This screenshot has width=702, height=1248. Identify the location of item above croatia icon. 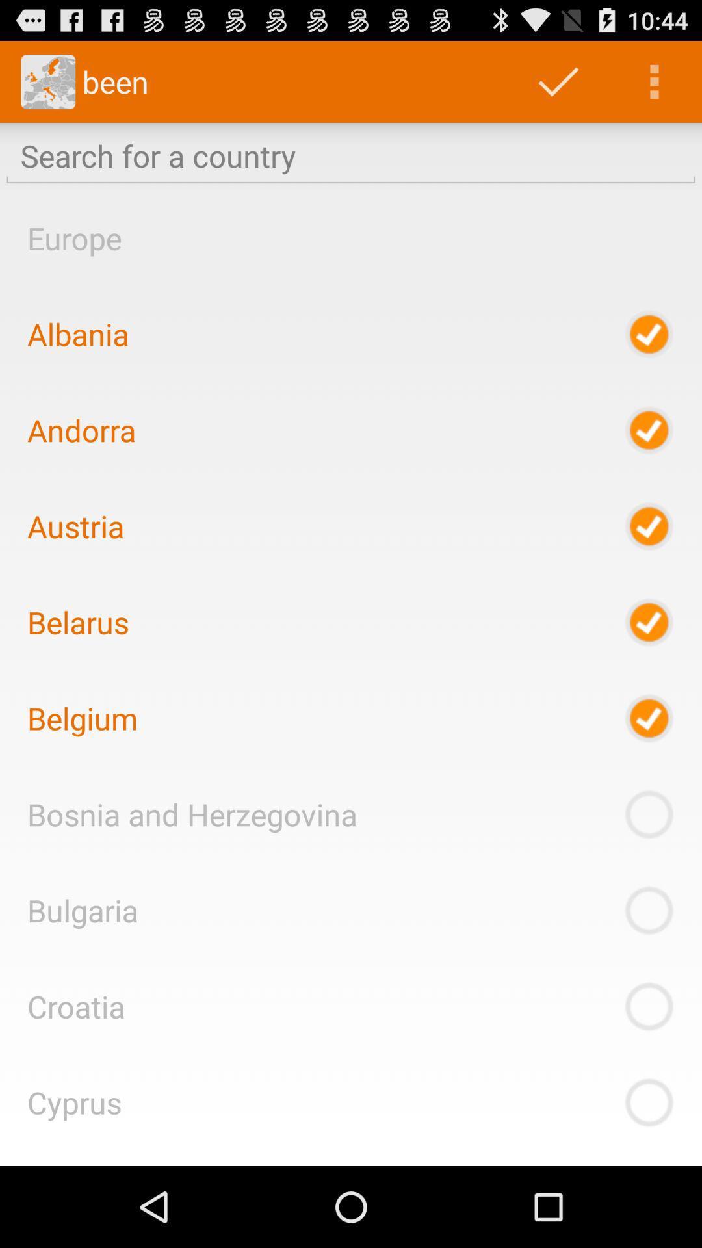
(83, 909).